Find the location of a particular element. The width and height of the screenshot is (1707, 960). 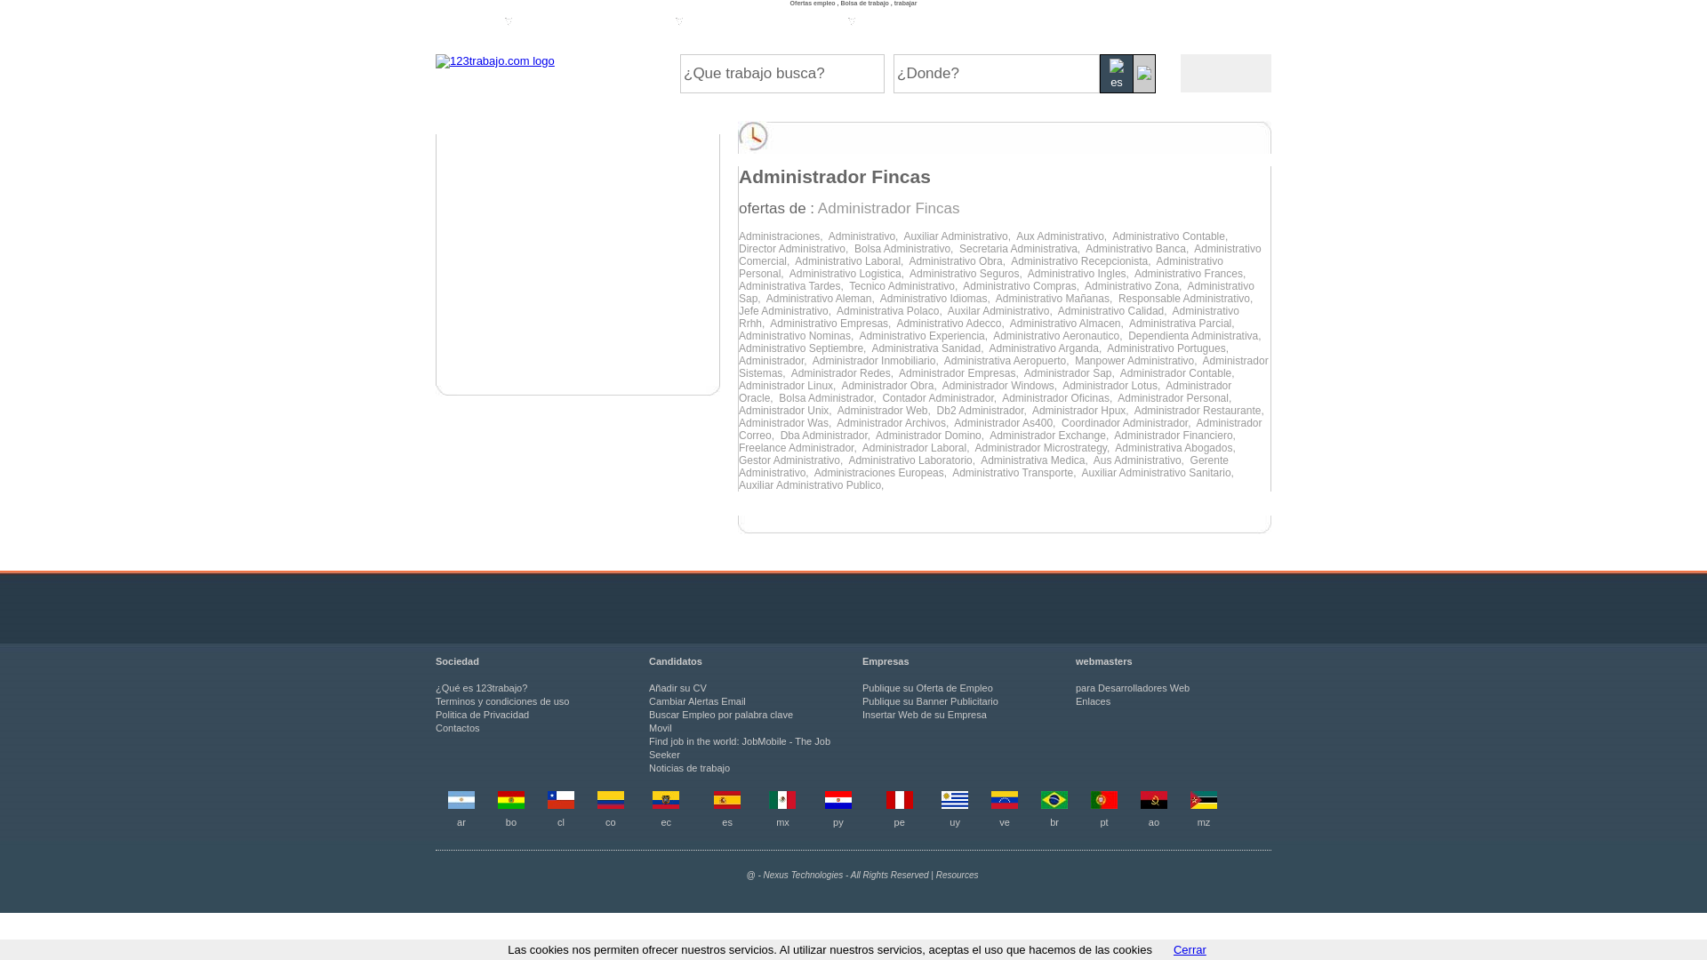

'Politica de Privacidad' is located at coordinates (482, 713).